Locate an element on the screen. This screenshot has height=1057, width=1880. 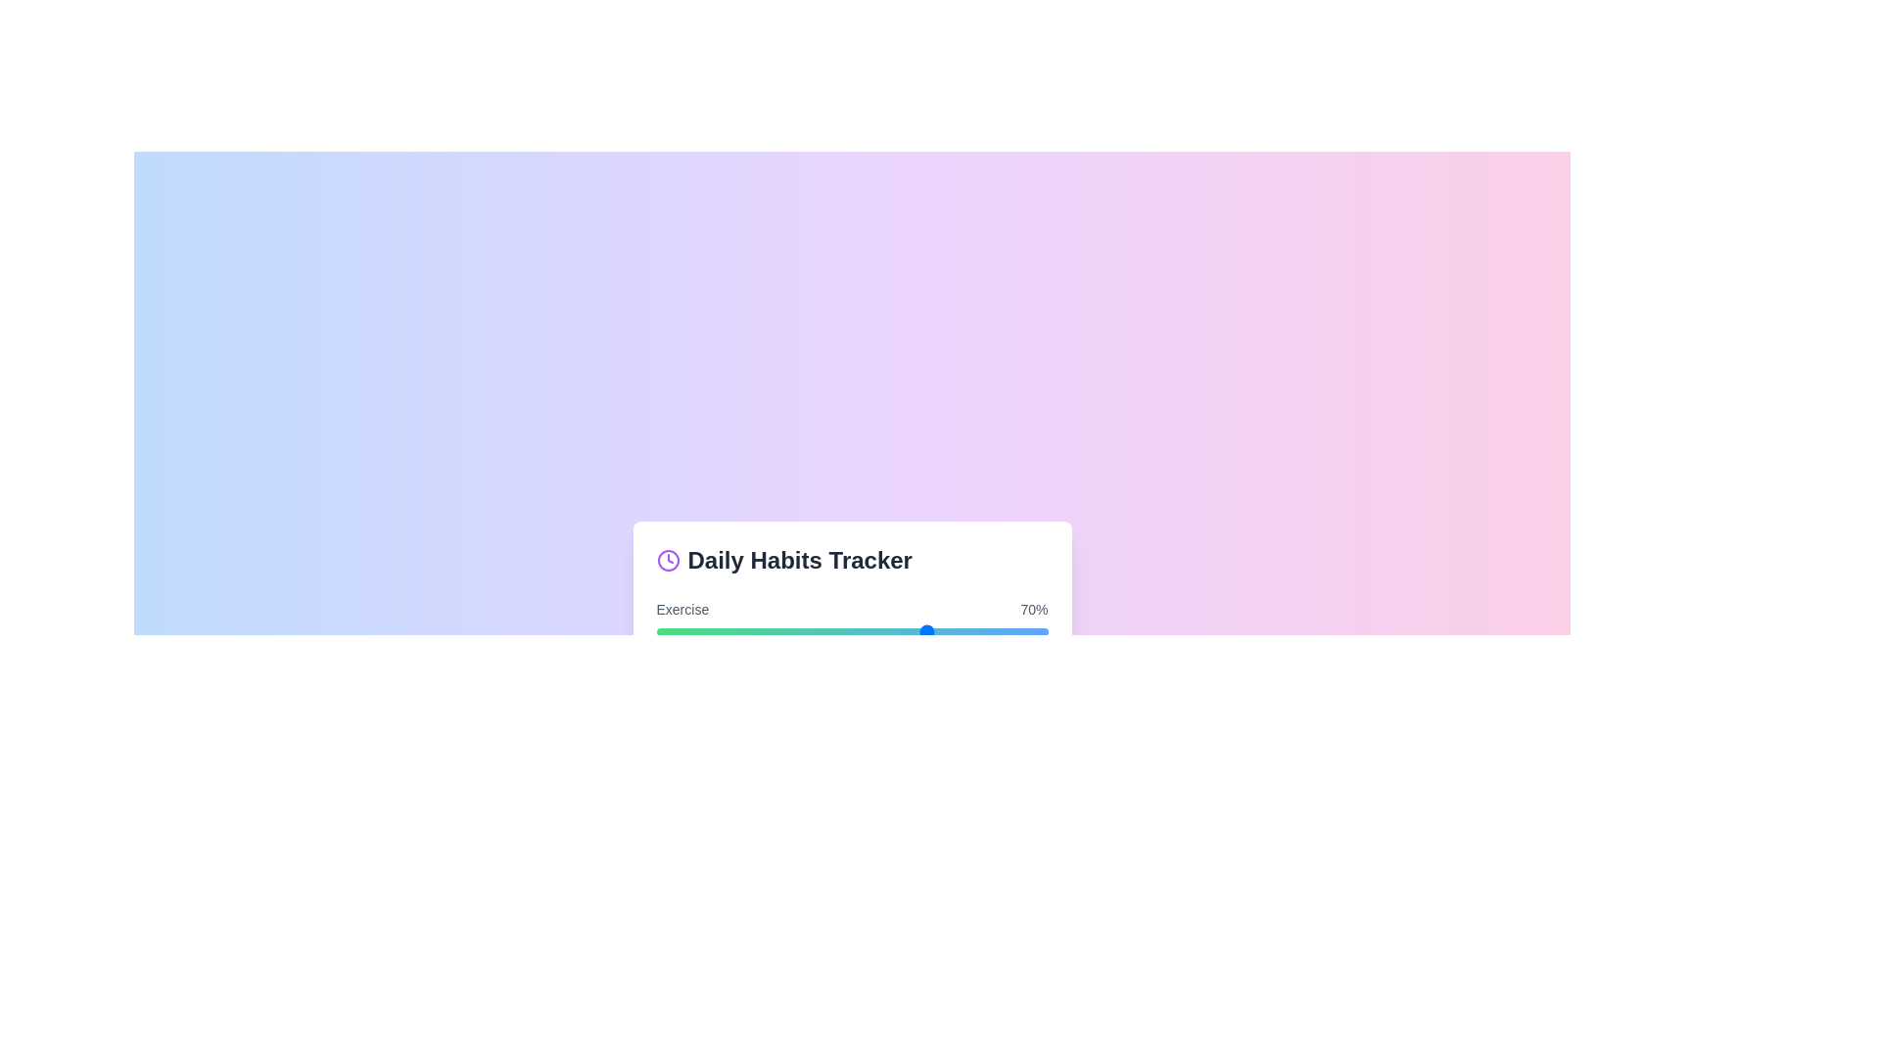
the progress bar for a habit to 85% is located at coordinates (989, 631).